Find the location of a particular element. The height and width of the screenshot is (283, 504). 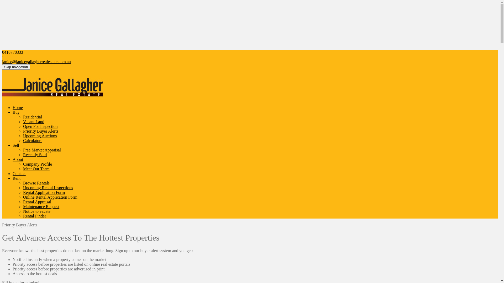

'Rental Appraisal' is located at coordinates (37, 202).